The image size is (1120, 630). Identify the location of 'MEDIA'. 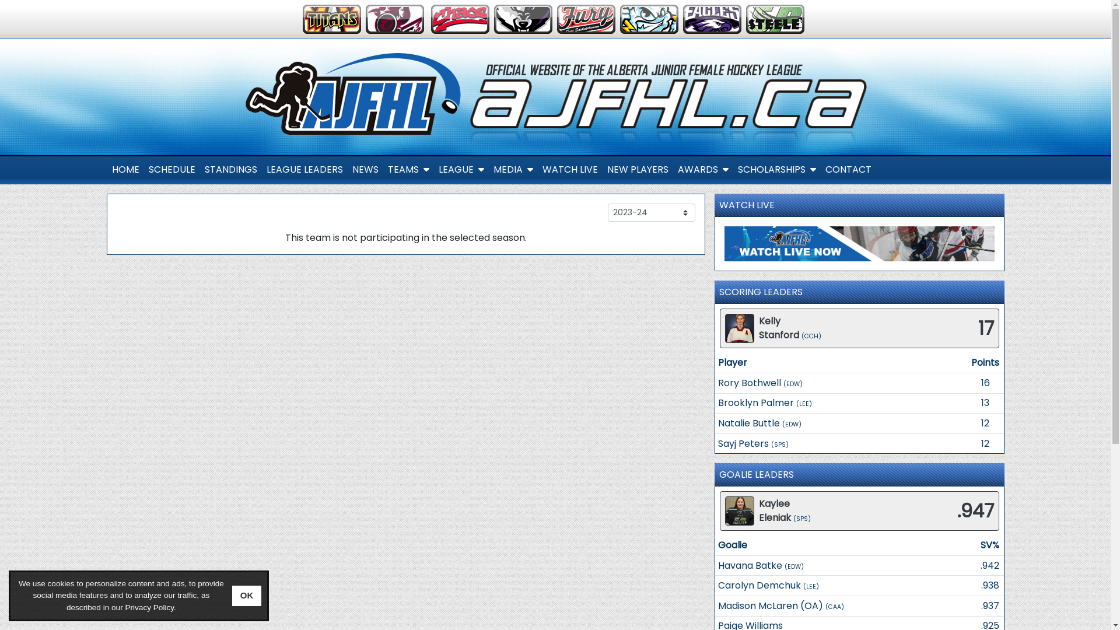
(513, 169).